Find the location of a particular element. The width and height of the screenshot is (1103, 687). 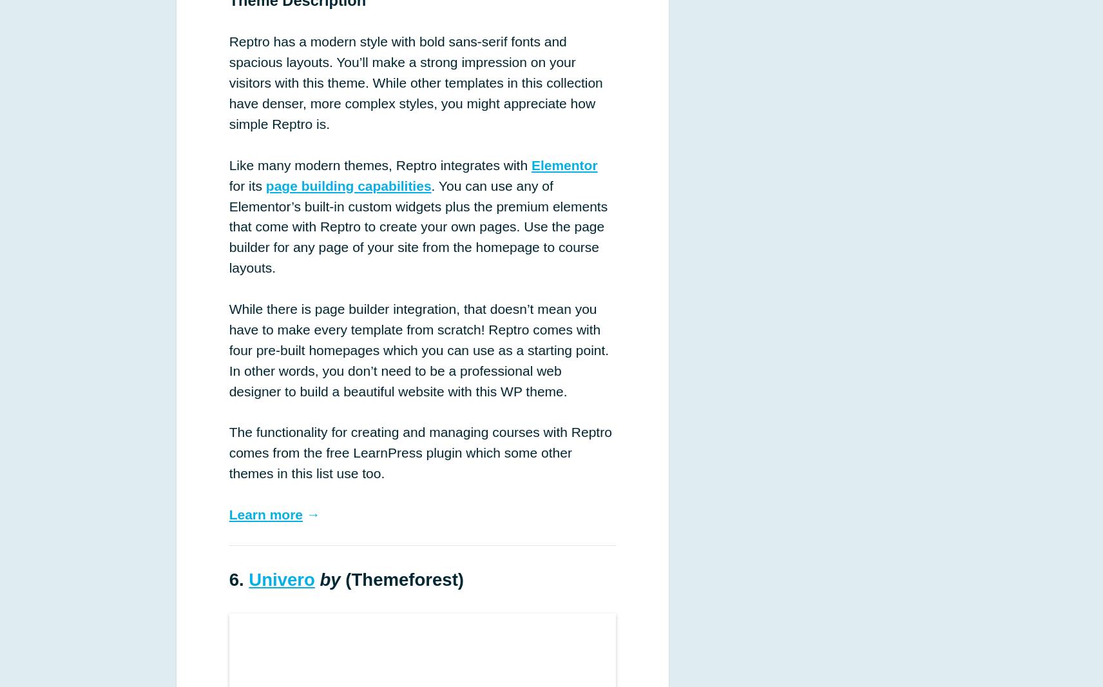

'While there is page builder integration, that doesn’t mean you have to make every template from scratch! Reptro comes with four pre-built homepages which you can use as a starting point. In other words, you don’t need to be a professional web designer to build a beautiful website with this WP theme.' is located at coordinates (419, 349).